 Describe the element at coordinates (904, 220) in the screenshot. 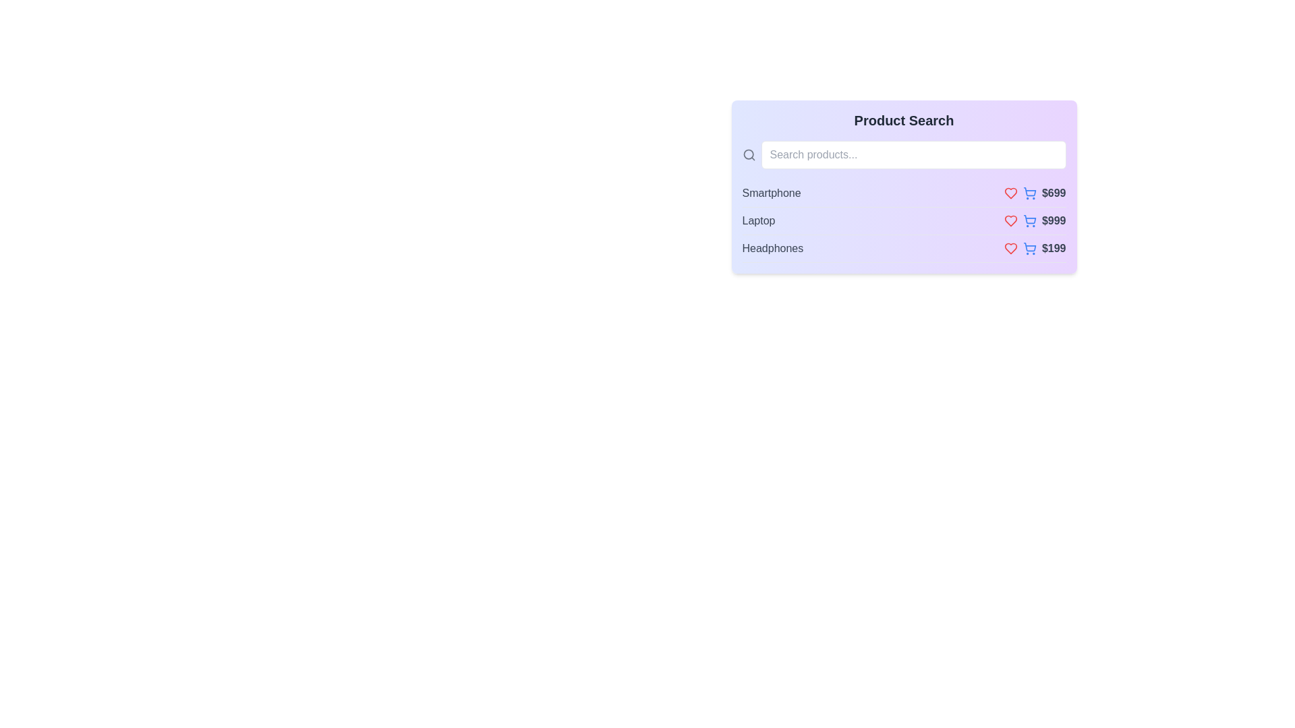

I see `the product list item that displays product details centrally located` at that location.